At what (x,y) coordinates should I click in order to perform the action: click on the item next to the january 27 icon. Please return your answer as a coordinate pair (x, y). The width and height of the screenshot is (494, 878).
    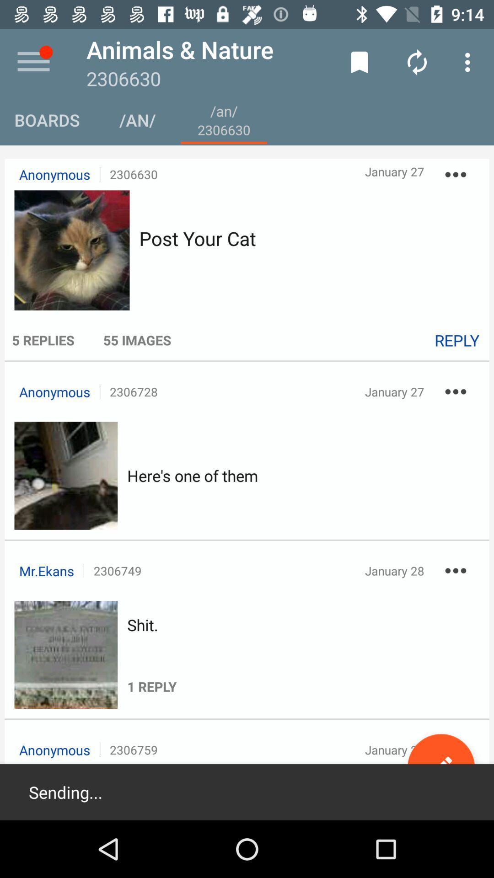
    Looking at the image, I should click on (455, 174).